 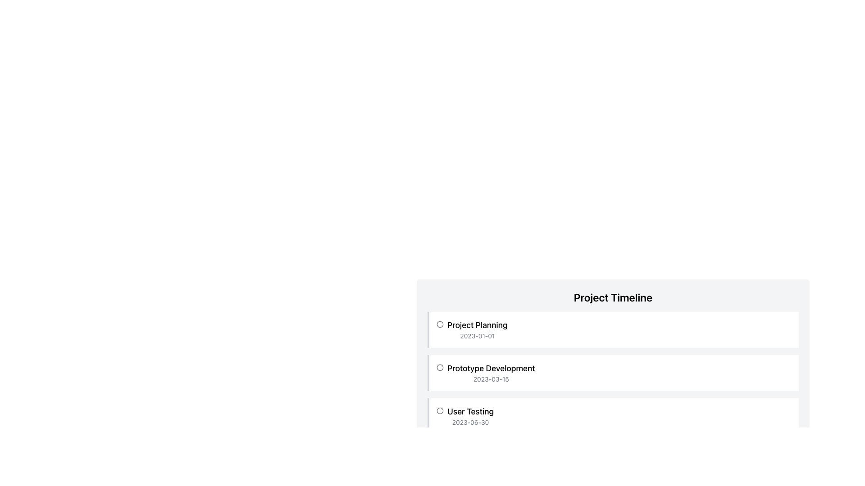 I want to click on the first circular icon located to the left of the text 'Project Planning', which is filled with a lighter gray tone and has a stroke color of gray, so click(x=440, y=324).